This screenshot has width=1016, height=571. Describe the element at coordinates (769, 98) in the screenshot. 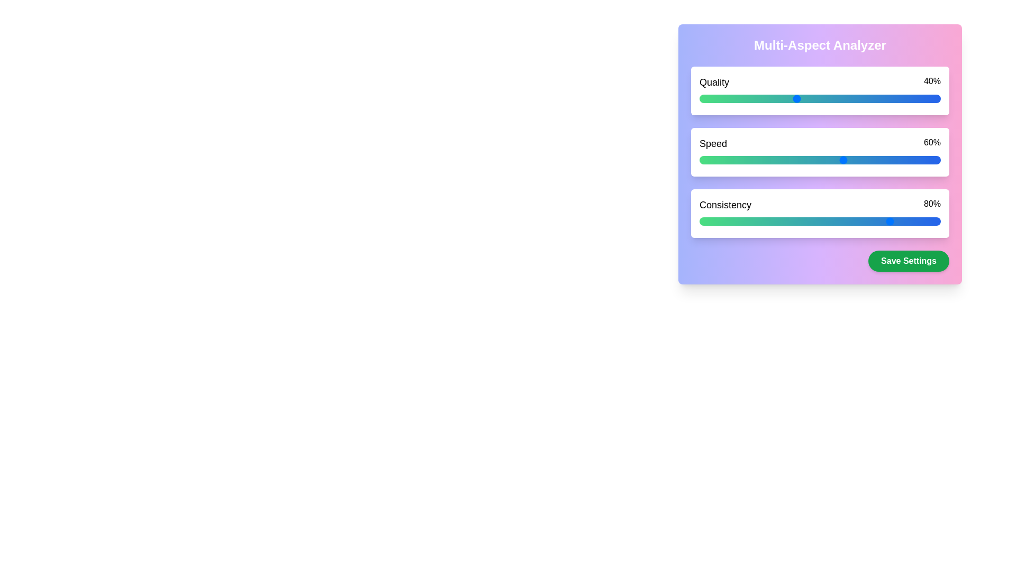

I see `quality` at that location.